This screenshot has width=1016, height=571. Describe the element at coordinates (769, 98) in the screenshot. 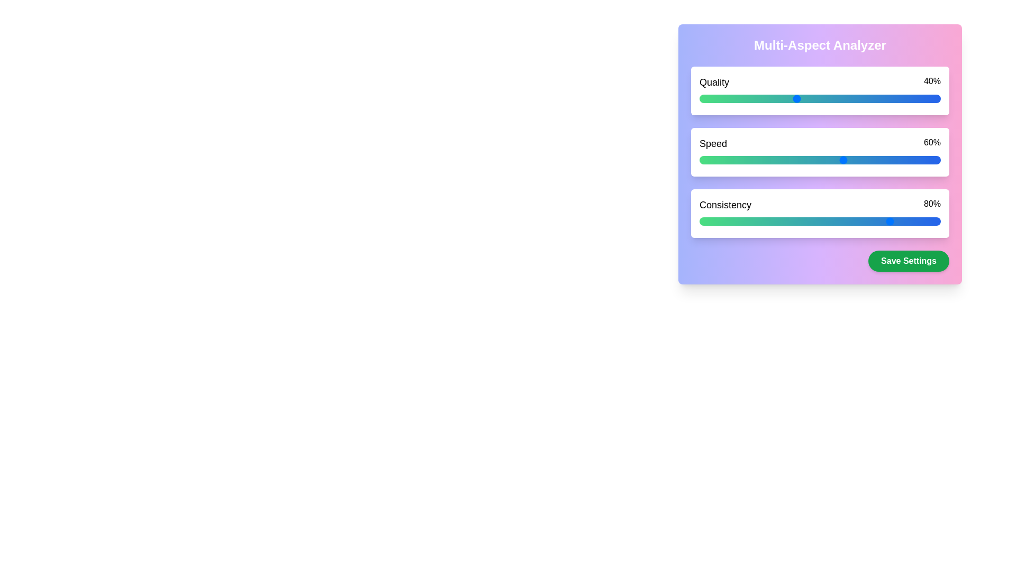

I see `quality` at that location.